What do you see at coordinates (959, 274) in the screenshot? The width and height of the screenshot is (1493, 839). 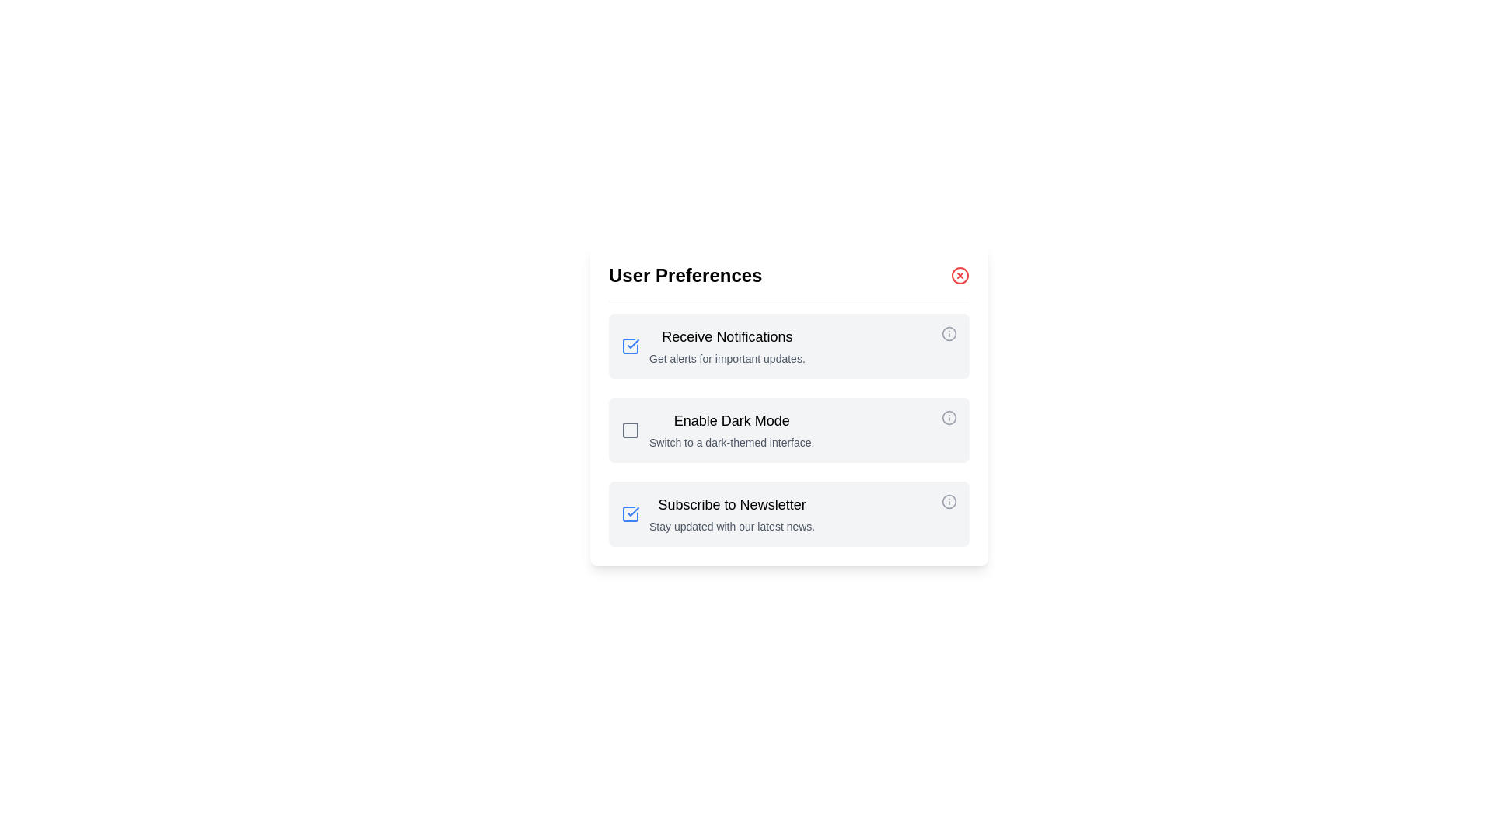 I see `the close button icon with a red 'X'` at bounding box center [959, 274].